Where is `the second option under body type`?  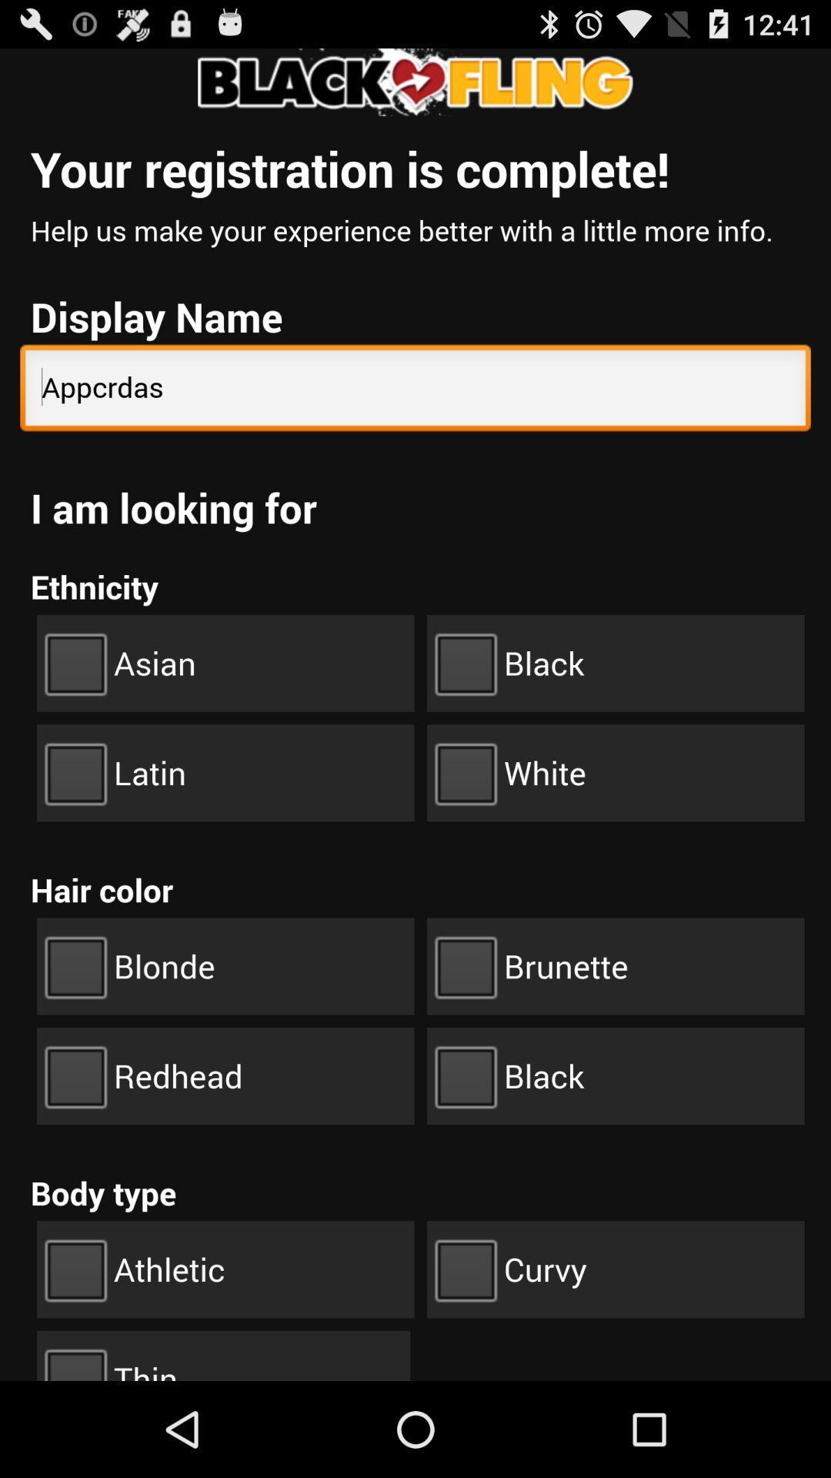 the second option under body type is located at coordinates (615, 1269).